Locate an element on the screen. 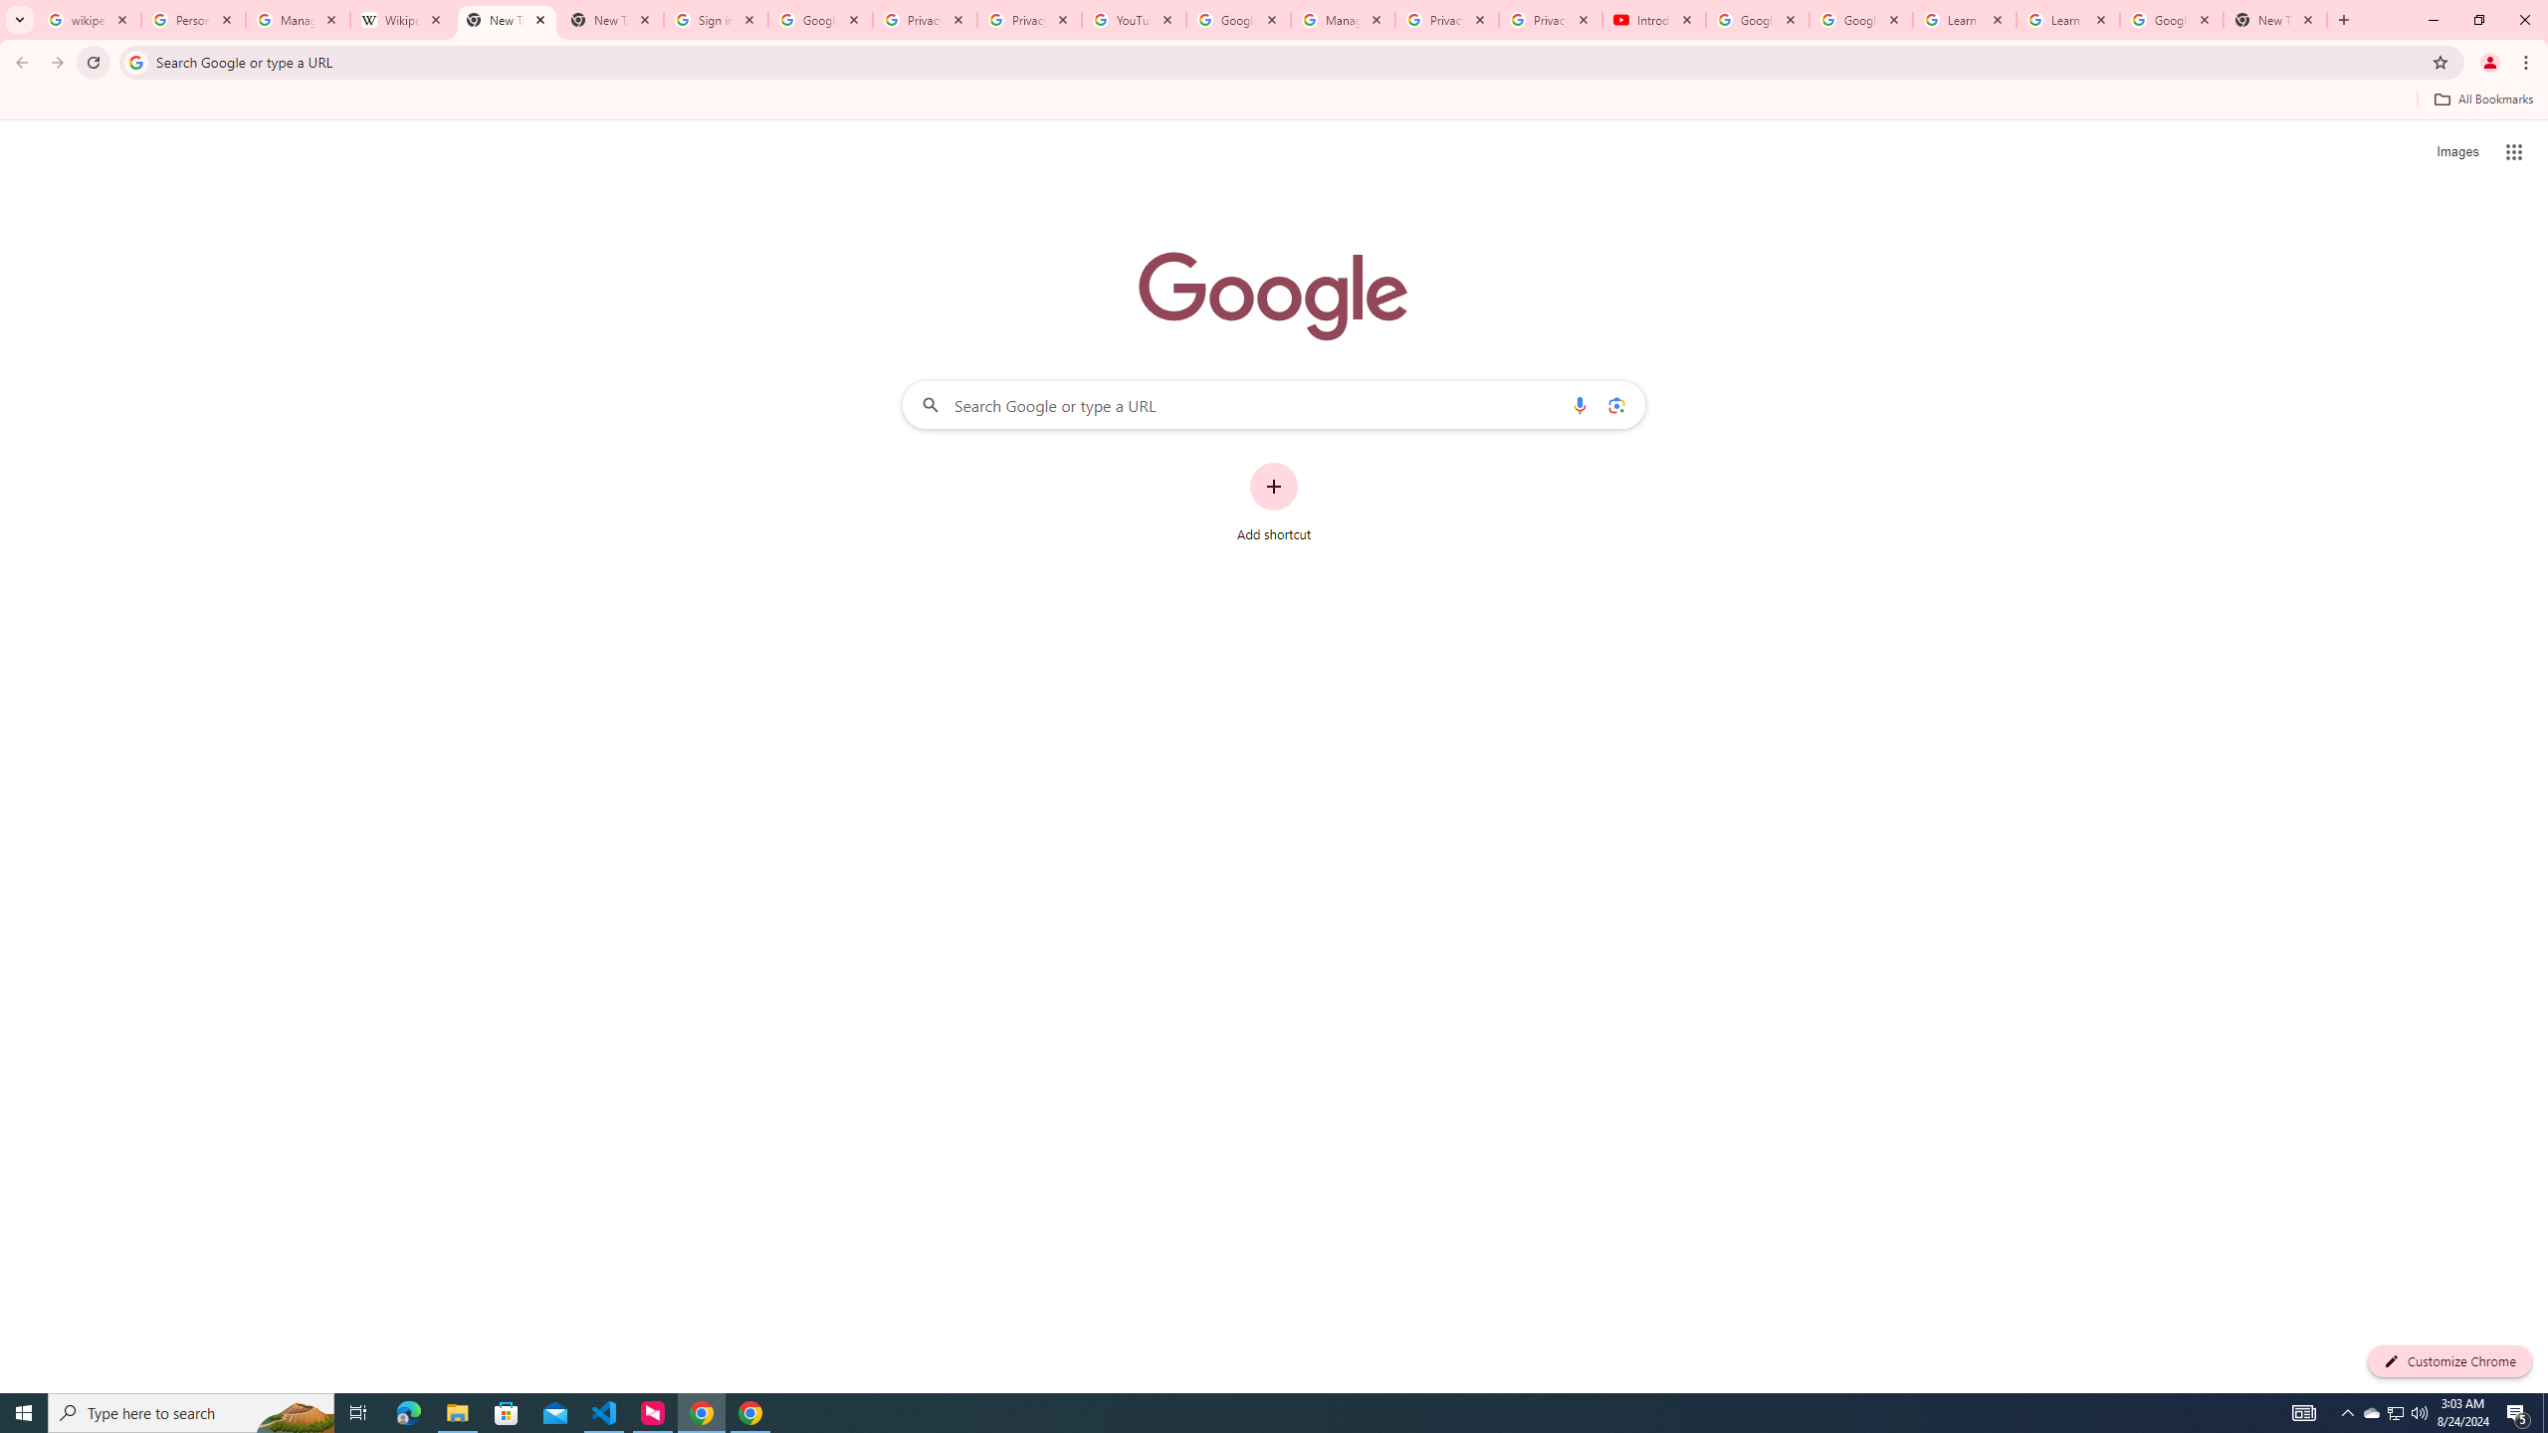 The image size is (2548, 1433). 'Wikipedia:Edit requests - Wikipedia' is located at coordinates (401, 19).